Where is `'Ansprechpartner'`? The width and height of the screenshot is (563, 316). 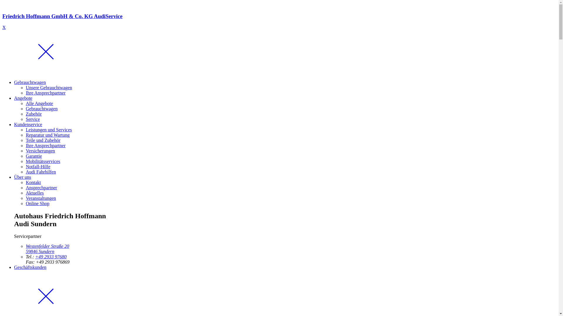 'Ansprechpartner' is located at coordinates (41, 188).